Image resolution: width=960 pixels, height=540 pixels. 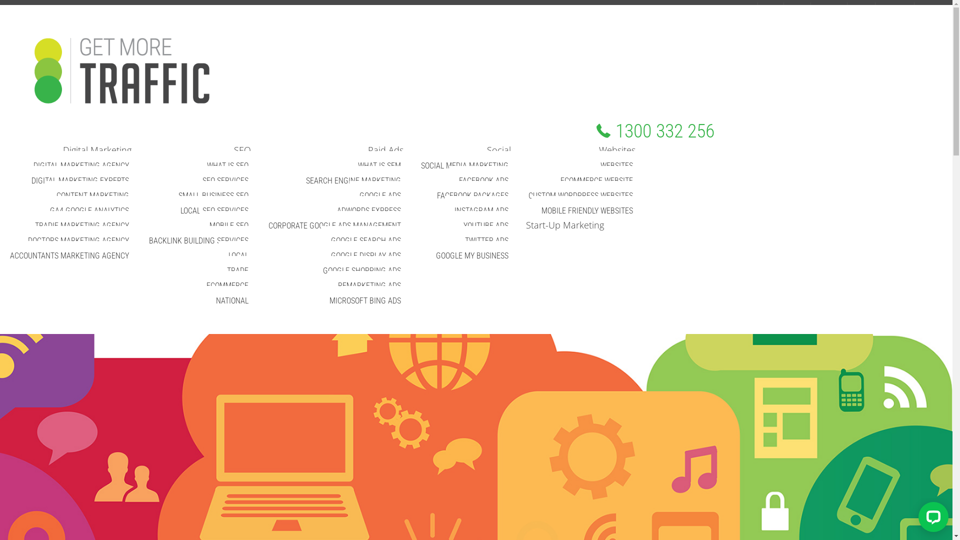 I want to click on 'MICROSOFT BING ADS', so click(x=364, y=300).